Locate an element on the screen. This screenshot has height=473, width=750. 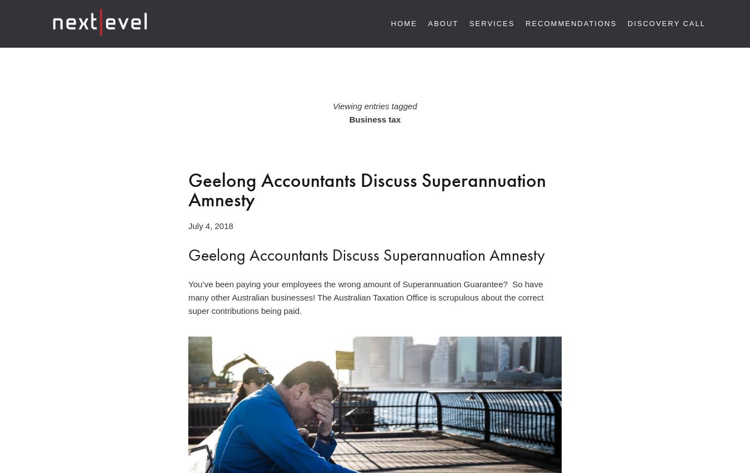
'Business tax' is located at coordinates (374, 119).